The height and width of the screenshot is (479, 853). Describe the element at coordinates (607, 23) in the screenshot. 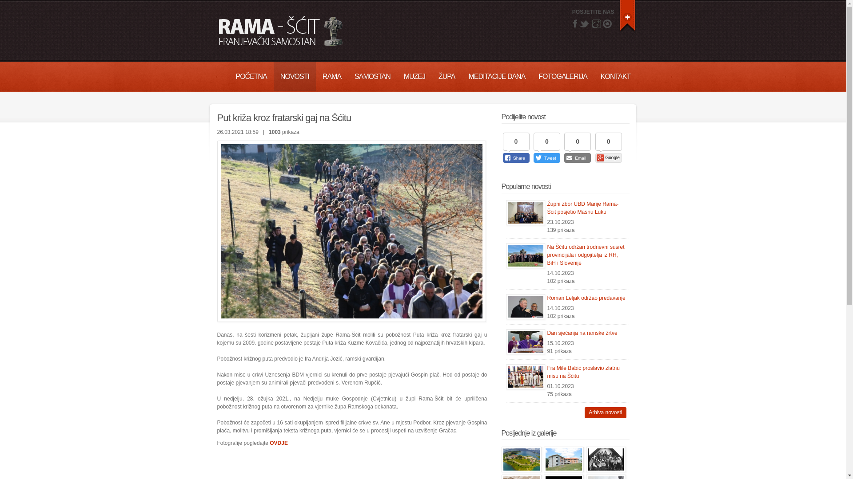

I see `'Picasa Web Albums'` at that location.